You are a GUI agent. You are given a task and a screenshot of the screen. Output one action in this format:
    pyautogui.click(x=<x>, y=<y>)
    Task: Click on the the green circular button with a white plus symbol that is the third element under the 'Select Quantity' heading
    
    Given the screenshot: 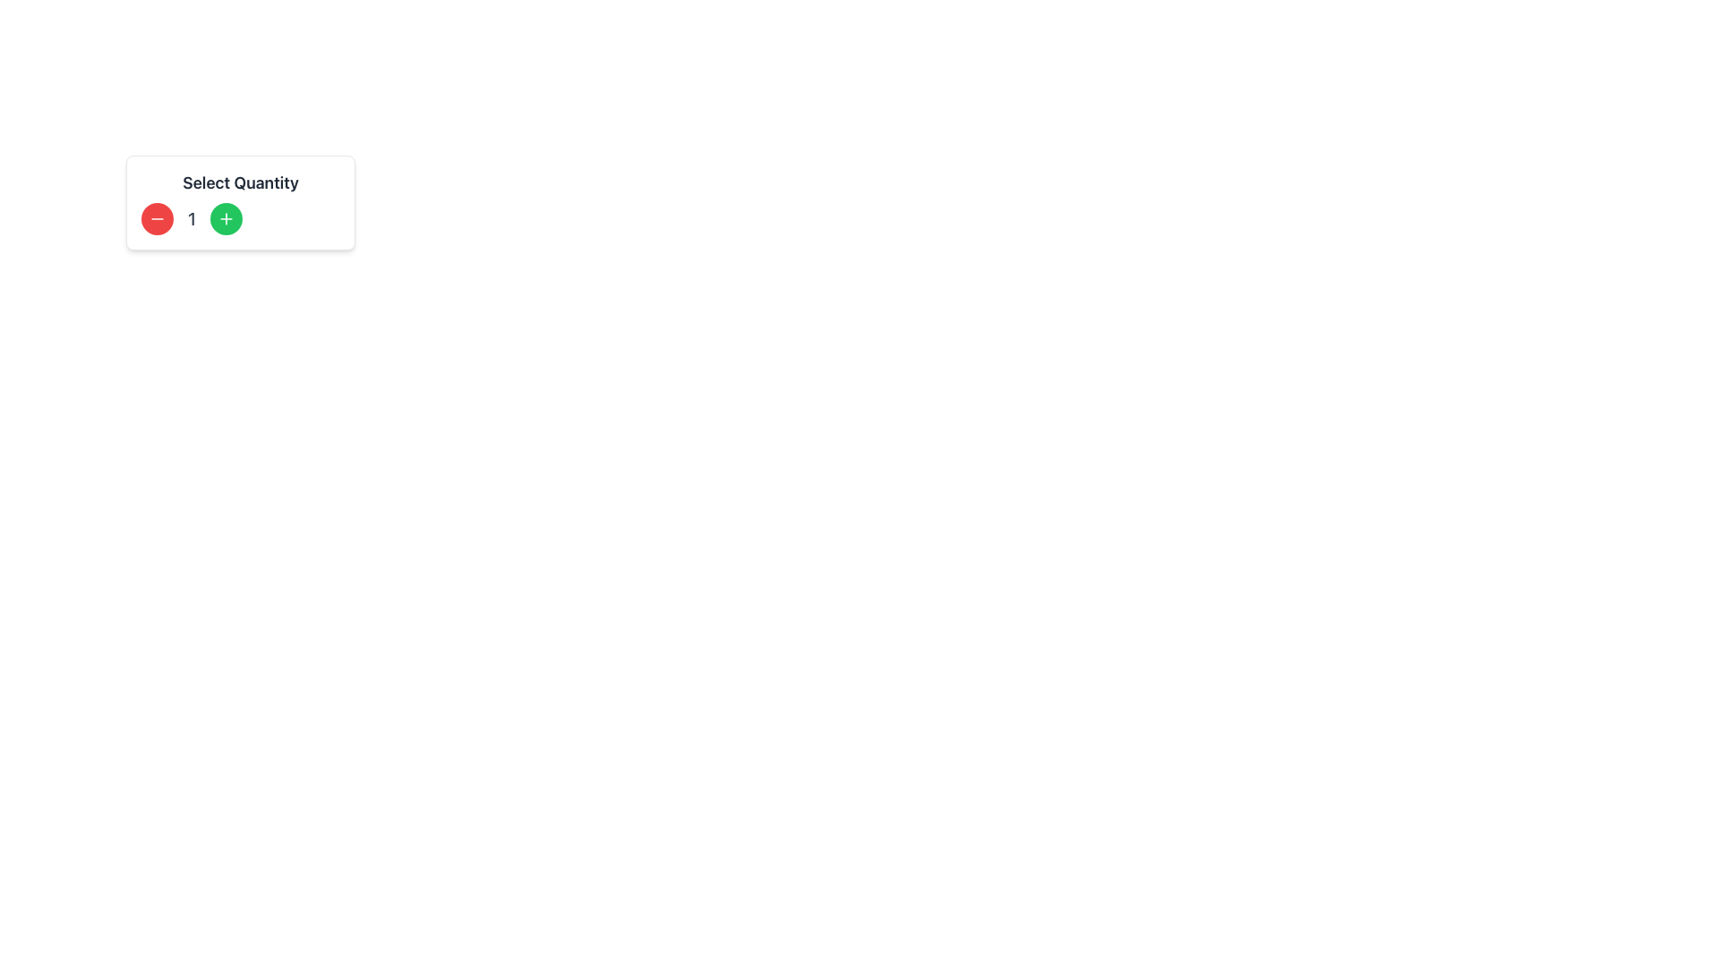 What is the action you would take?
    pyautogui.click(x=239, y=218)
    